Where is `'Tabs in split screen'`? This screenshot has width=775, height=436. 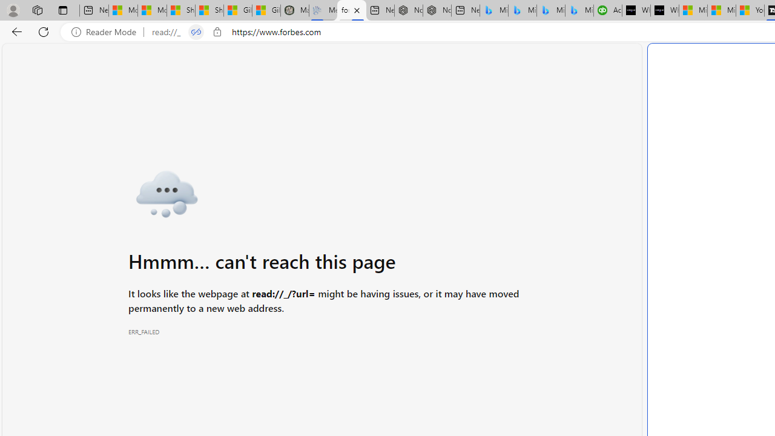 'Tabs in split screen' is located at coordinates (196, 31).